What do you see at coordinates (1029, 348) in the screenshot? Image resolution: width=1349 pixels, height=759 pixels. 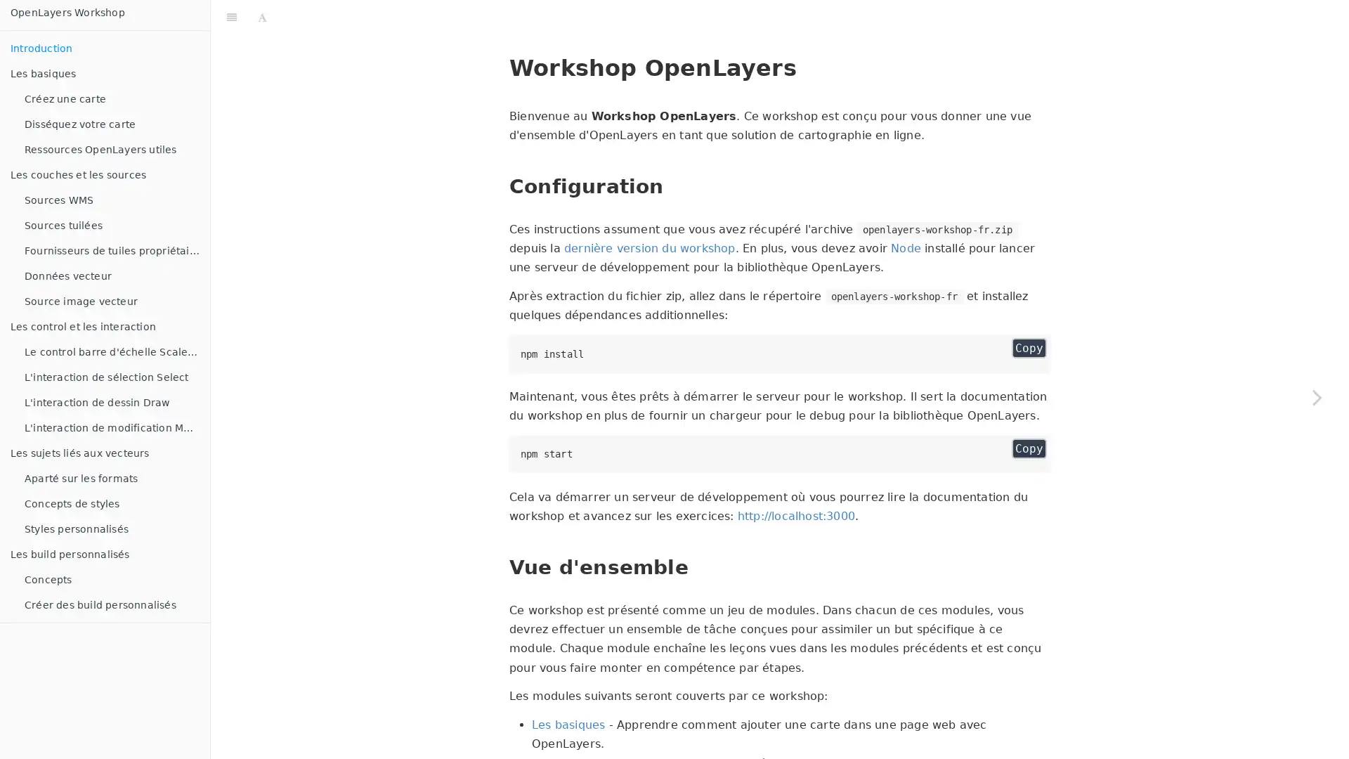 I see `Copy` at bounding box center [1029, 348].